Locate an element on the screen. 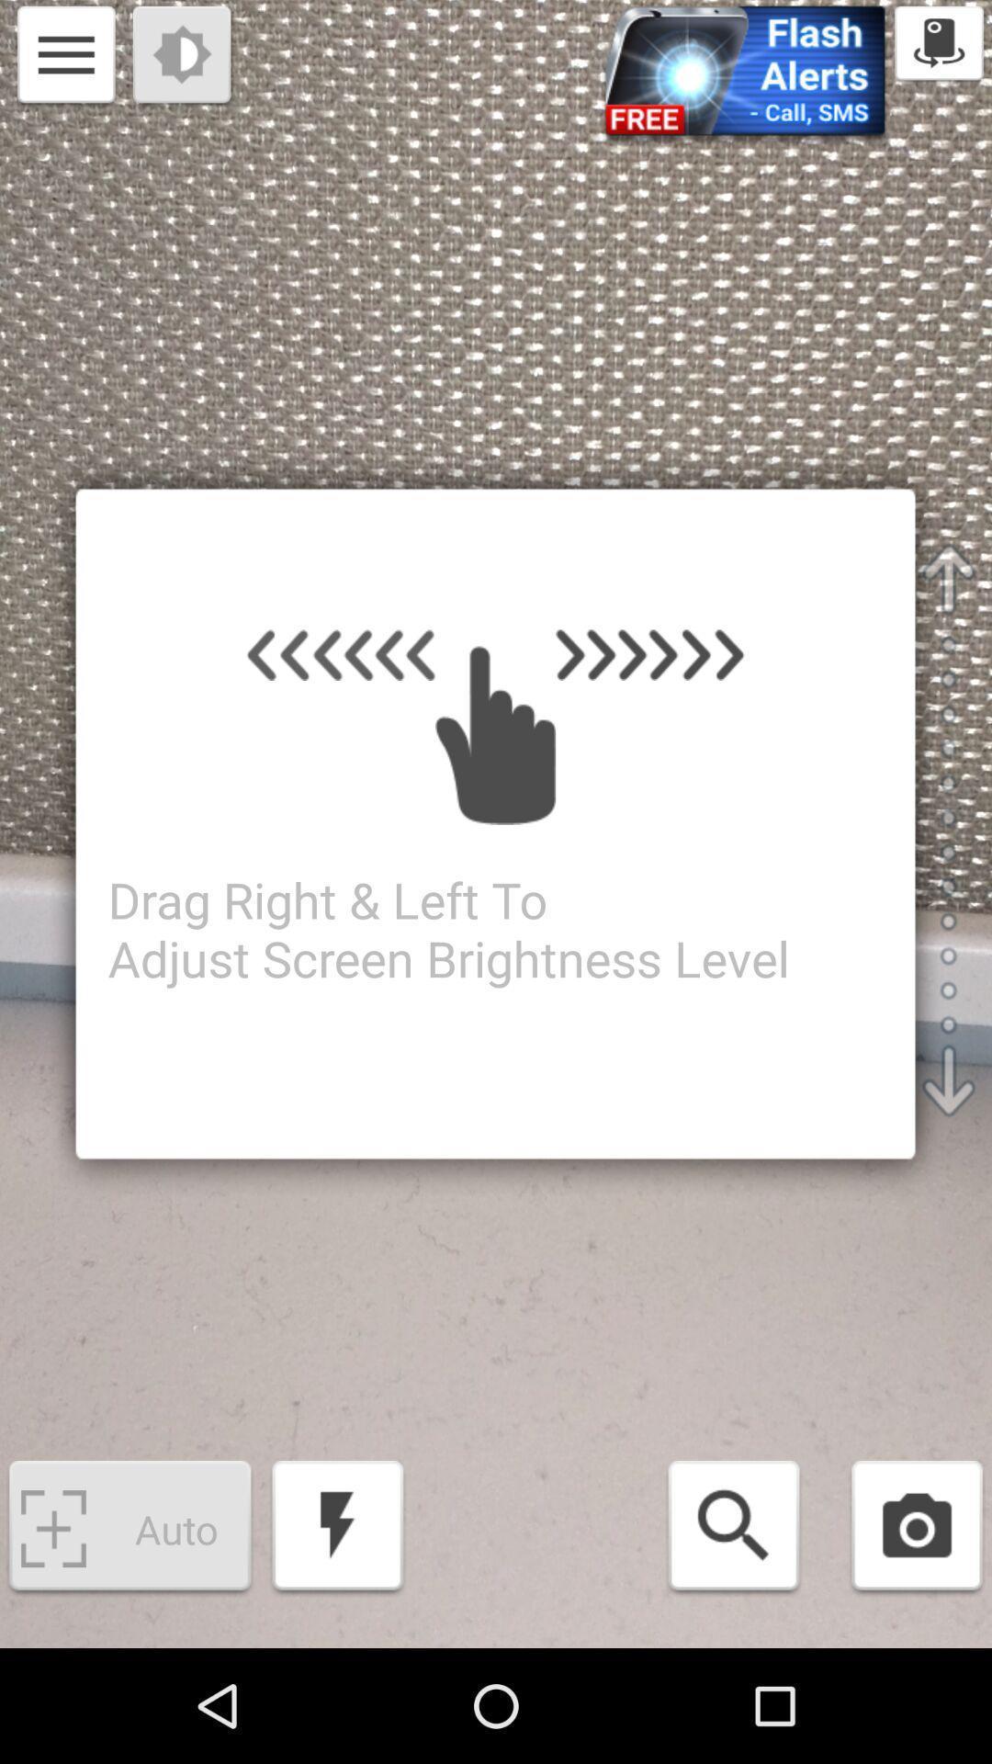  flash on/off is located at coordinates (337, 1529).